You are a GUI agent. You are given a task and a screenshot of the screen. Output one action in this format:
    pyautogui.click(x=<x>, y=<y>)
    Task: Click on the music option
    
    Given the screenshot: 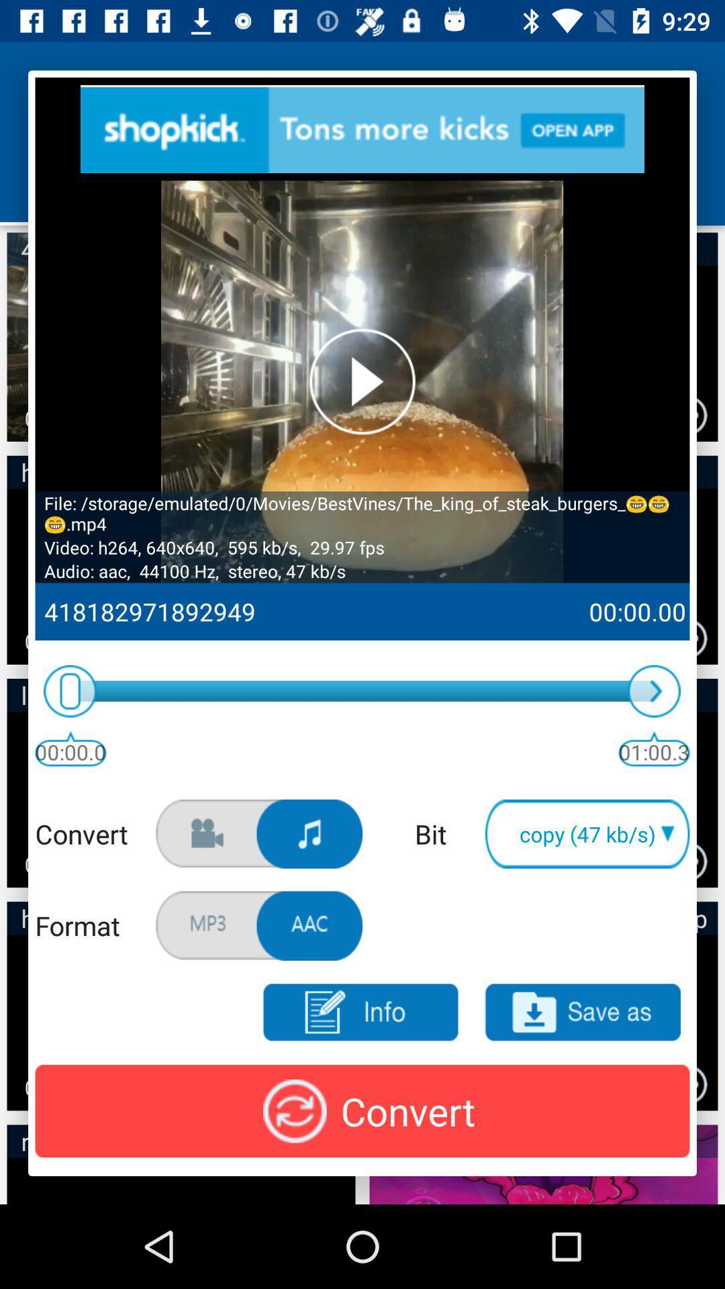 What is the action you would take?
    pyautogui.click(x=309, y=833)
    